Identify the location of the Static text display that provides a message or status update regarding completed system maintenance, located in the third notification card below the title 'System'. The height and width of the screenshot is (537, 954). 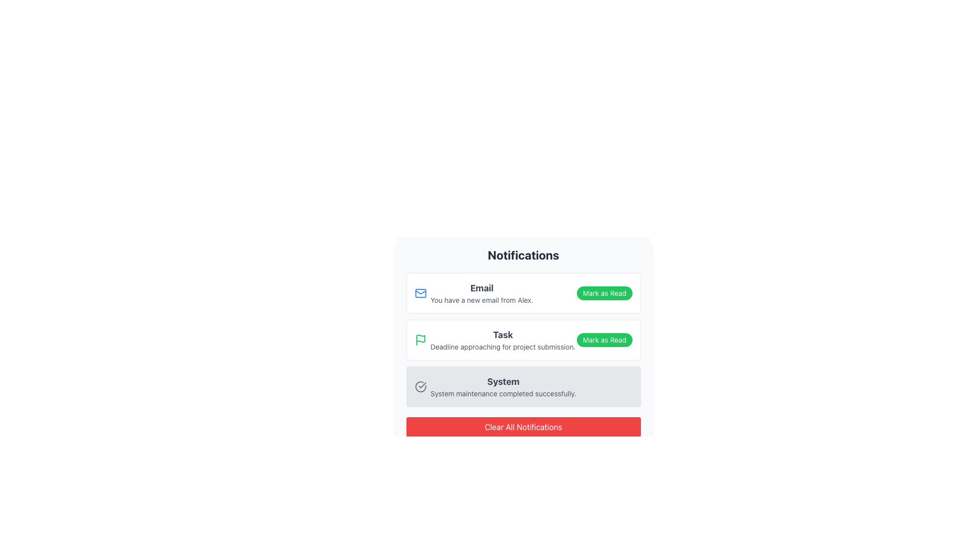
(503, 393).